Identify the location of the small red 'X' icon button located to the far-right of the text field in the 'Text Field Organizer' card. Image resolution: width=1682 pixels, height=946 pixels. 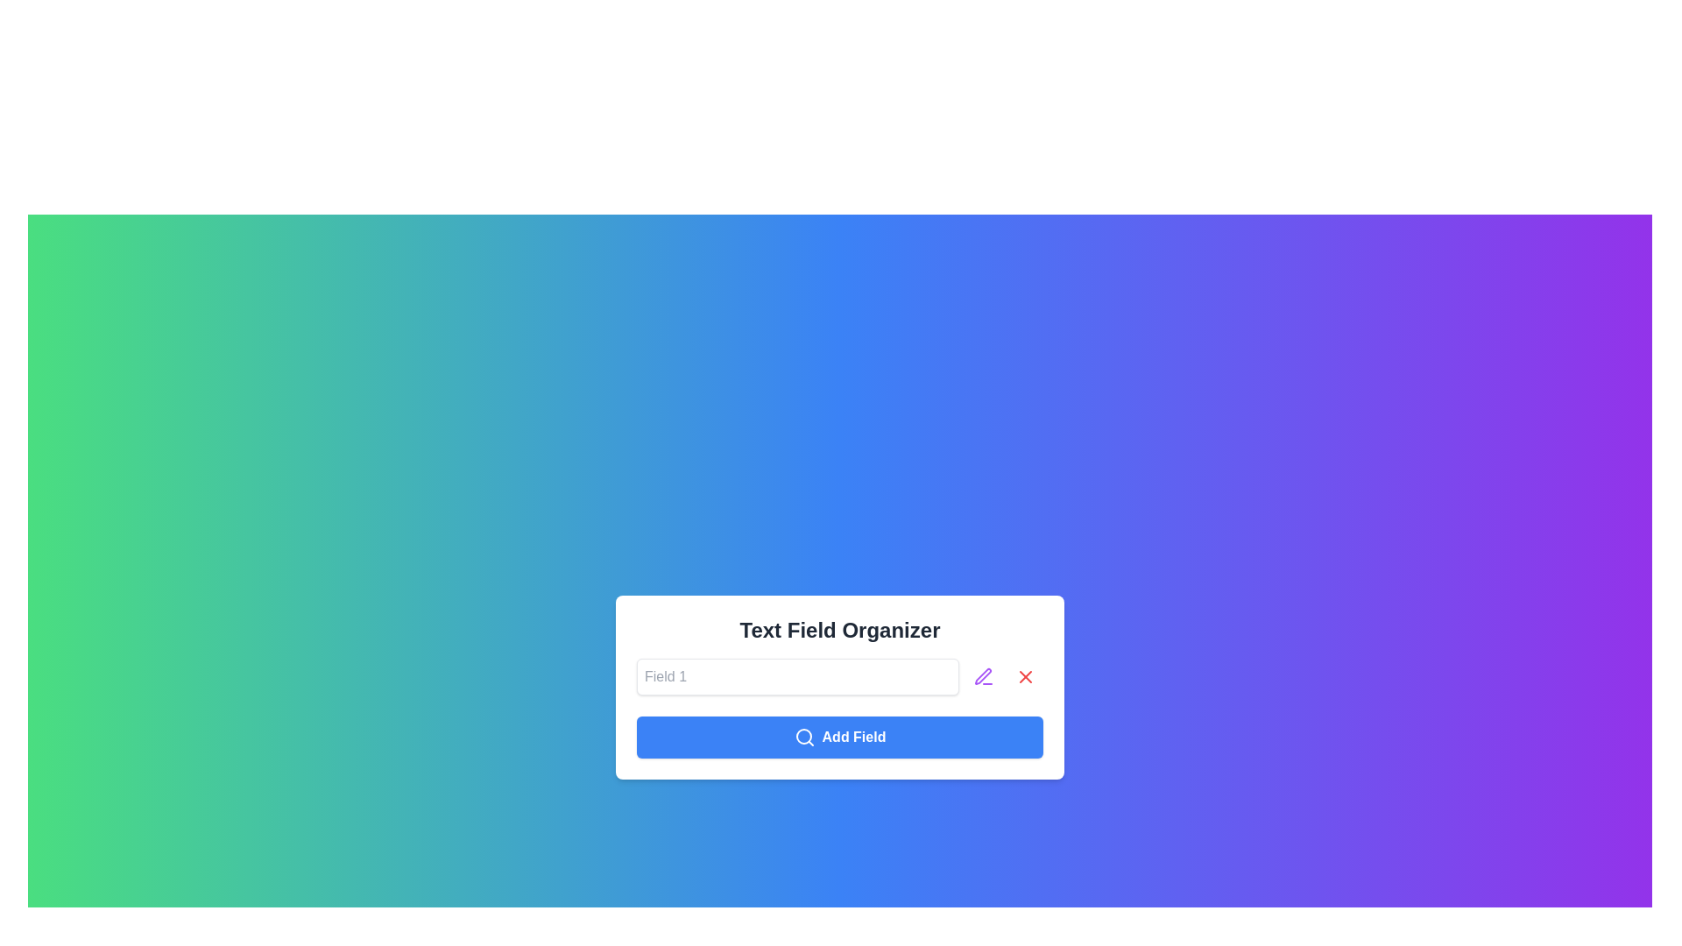
(1026, 675).